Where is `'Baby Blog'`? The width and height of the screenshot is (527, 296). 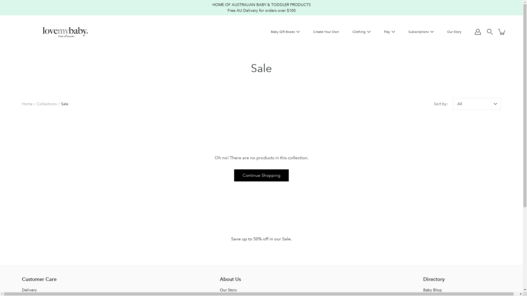
'Baby Blog' is located at coordinates (432, 289).